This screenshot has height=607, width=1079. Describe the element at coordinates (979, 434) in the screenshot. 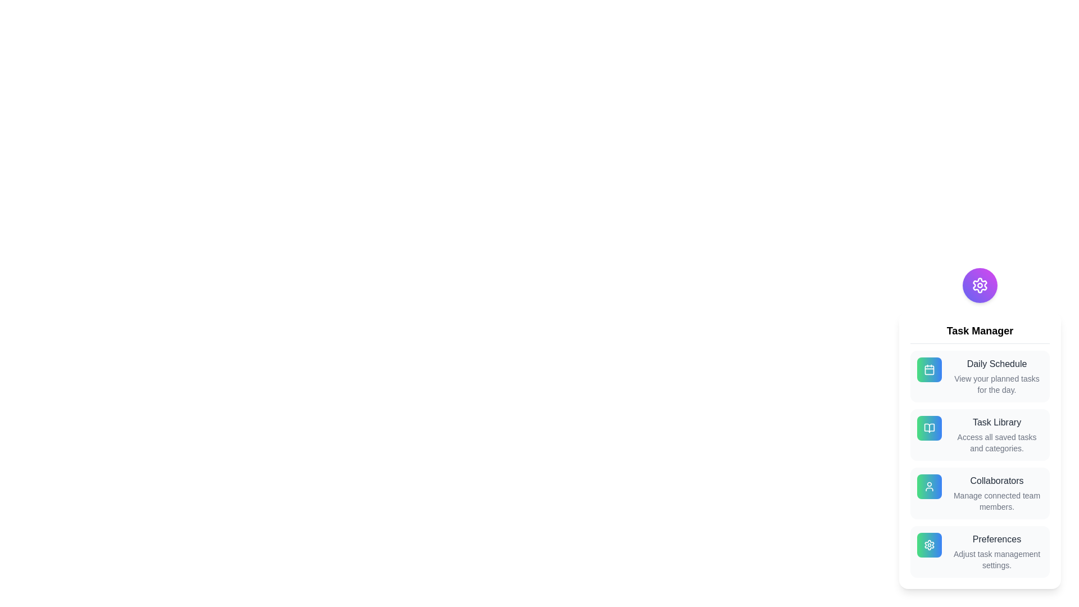

I see `the 'Task Library' option to access saved tasks and categories` at that location.